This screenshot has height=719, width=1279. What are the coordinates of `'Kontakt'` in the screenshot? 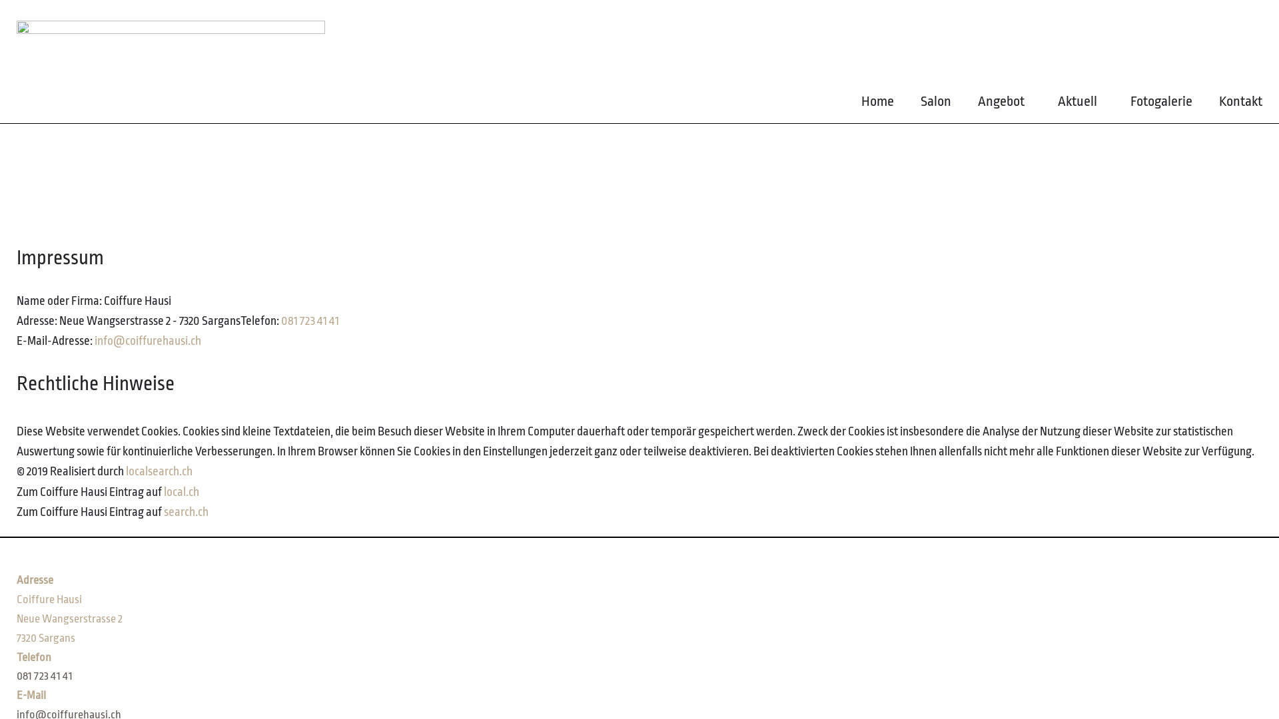 It's located at (1240, 104).